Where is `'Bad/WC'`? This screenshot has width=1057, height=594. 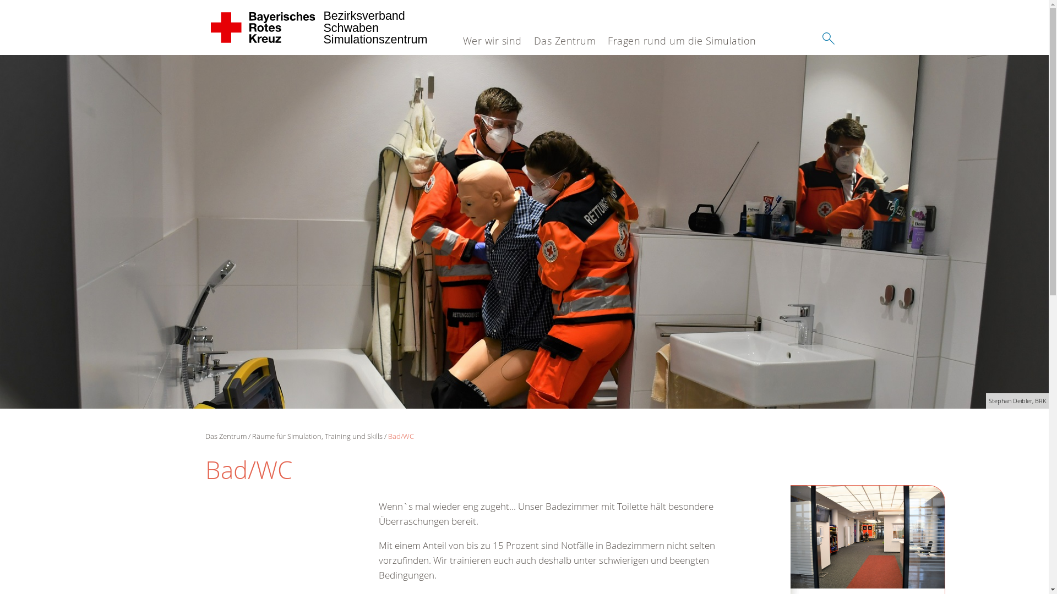
'Bad/WC' is located at coordinates (400, 436).